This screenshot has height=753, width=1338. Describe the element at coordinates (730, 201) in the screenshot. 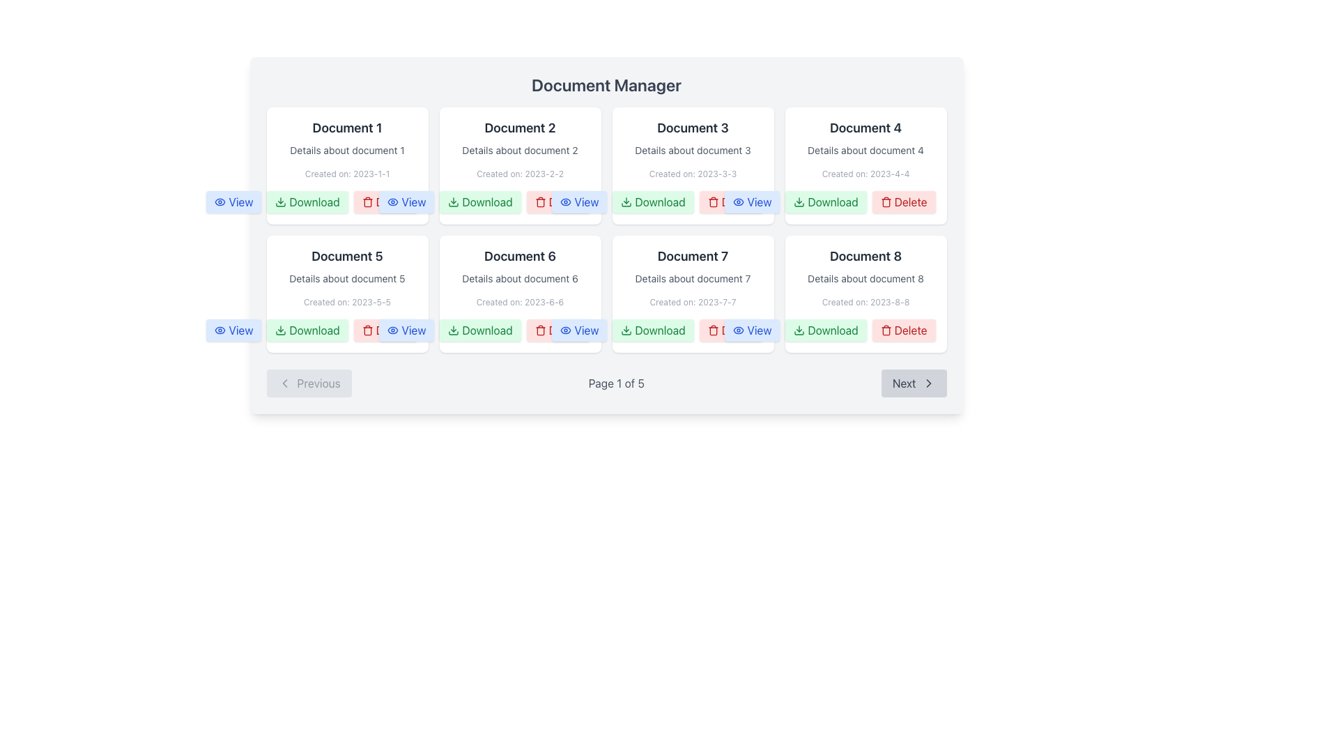

I see `the 'Delete' button` at that location.